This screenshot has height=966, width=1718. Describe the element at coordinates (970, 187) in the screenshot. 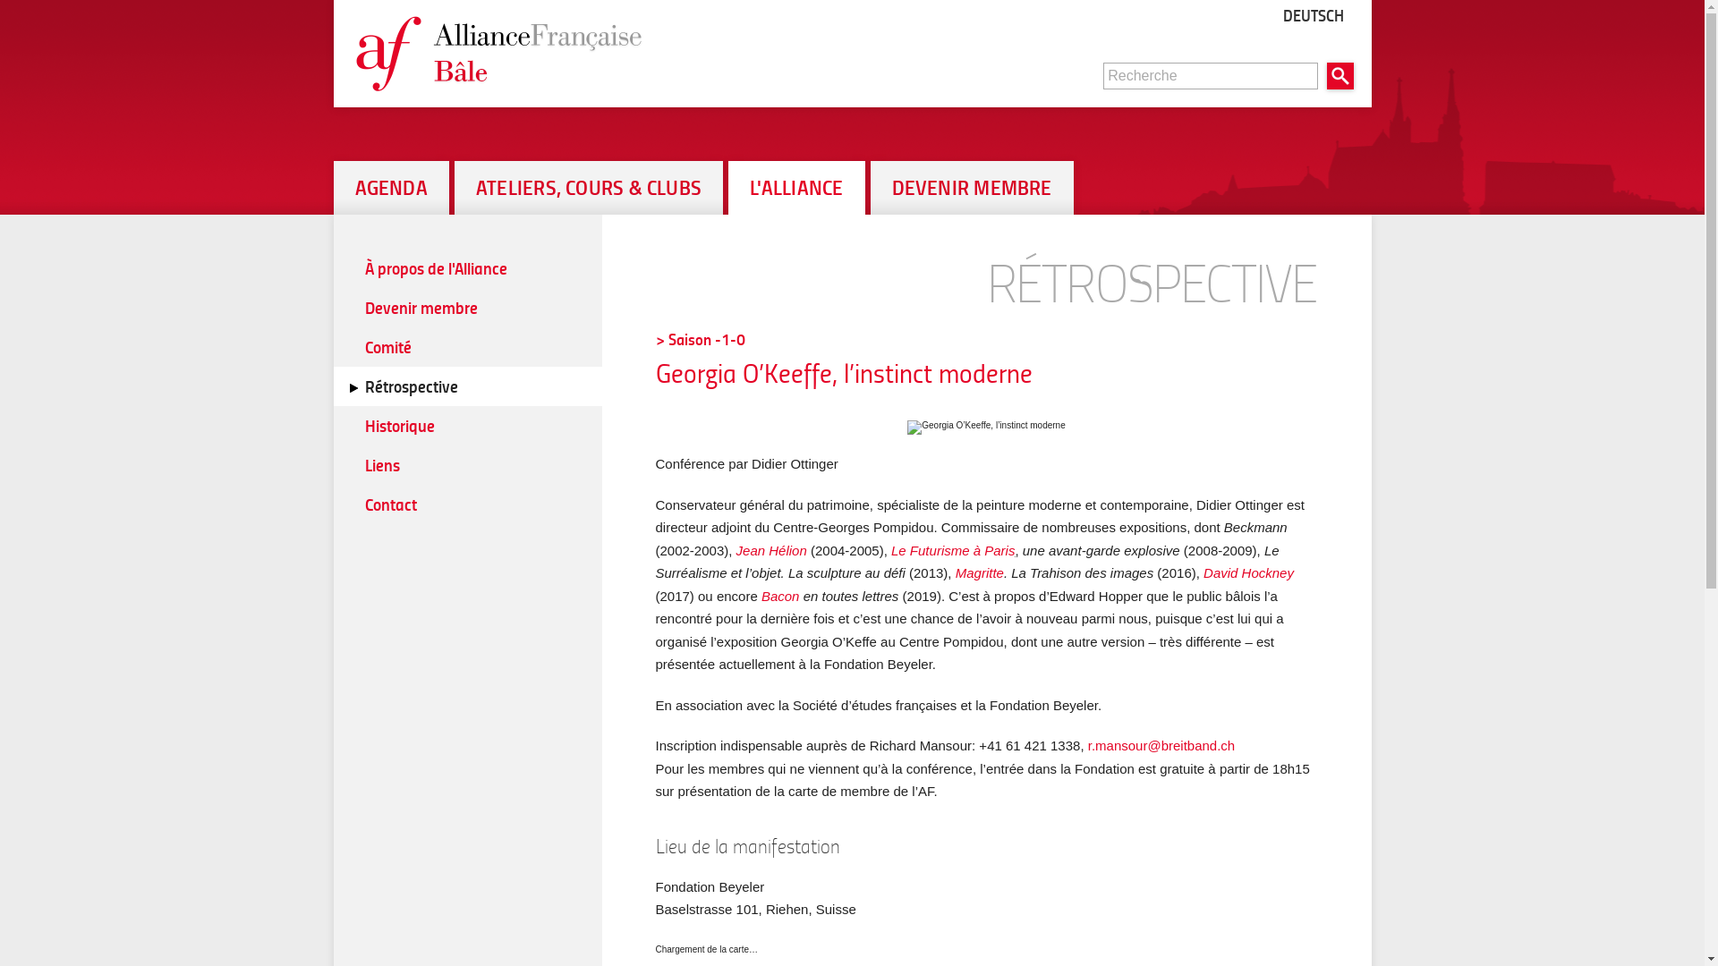

I see `'DEVENIR MEMBRE'` at that location.